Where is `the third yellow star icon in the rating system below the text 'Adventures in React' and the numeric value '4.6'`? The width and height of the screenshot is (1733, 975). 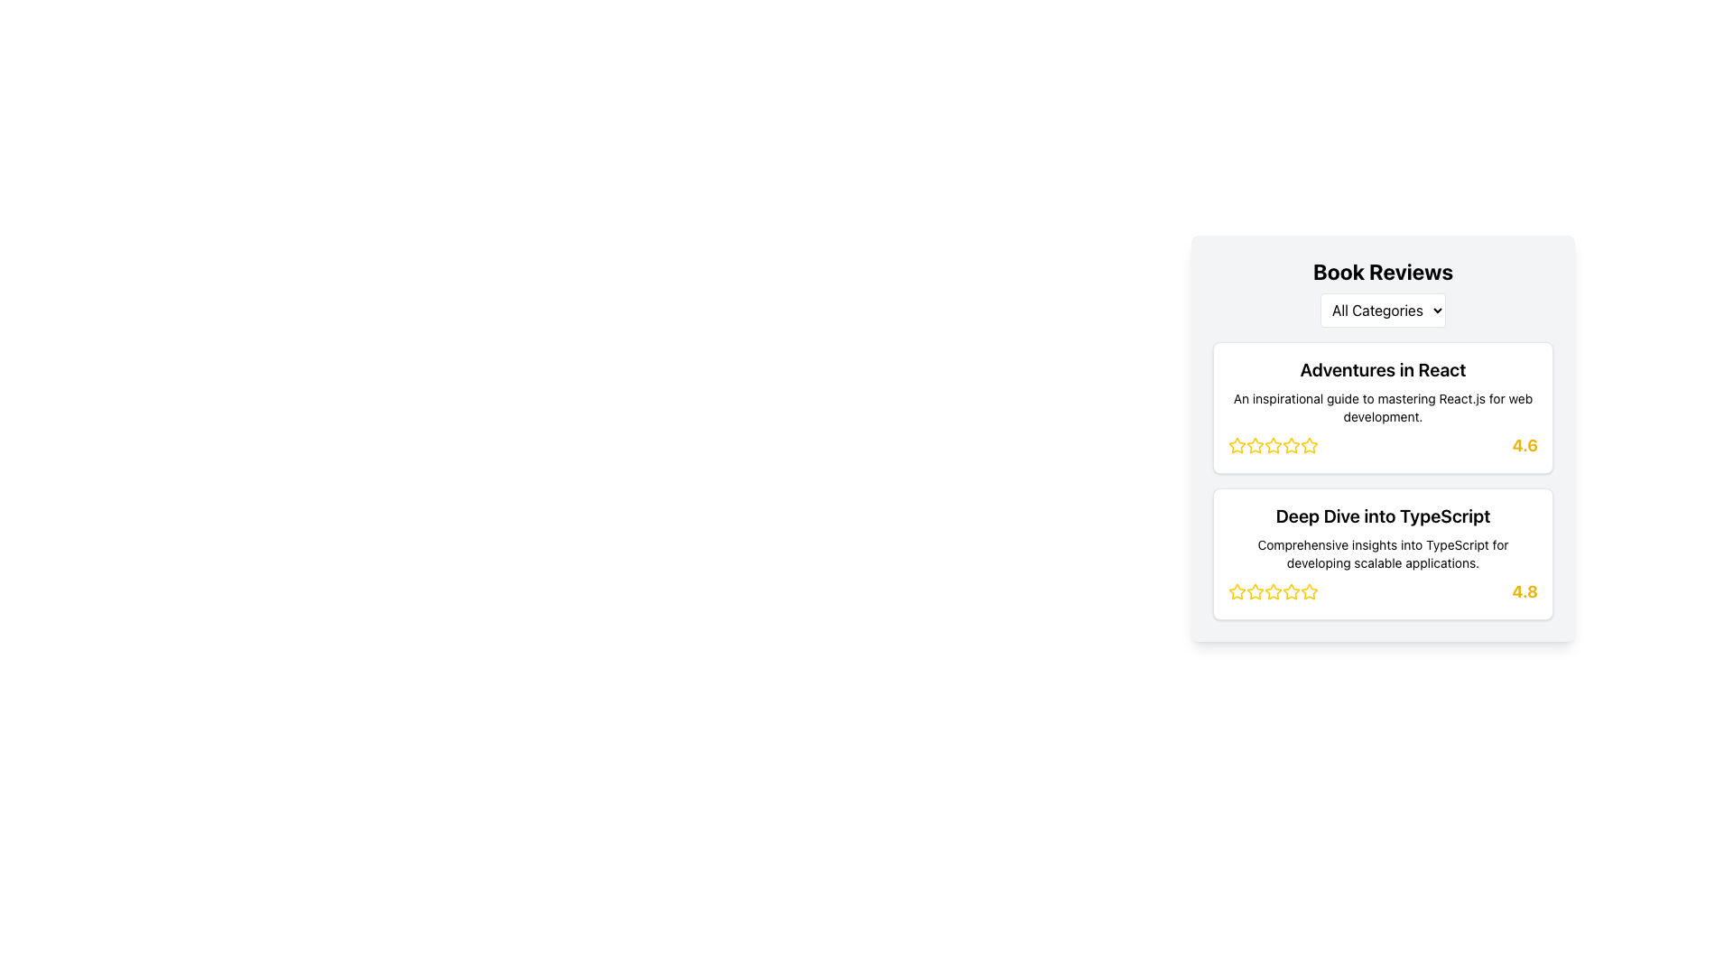
the third yellow star icon in the rating system below the text 'Adventures in React' and the numeric value '4.6' is located at coordinates (1273, 445).